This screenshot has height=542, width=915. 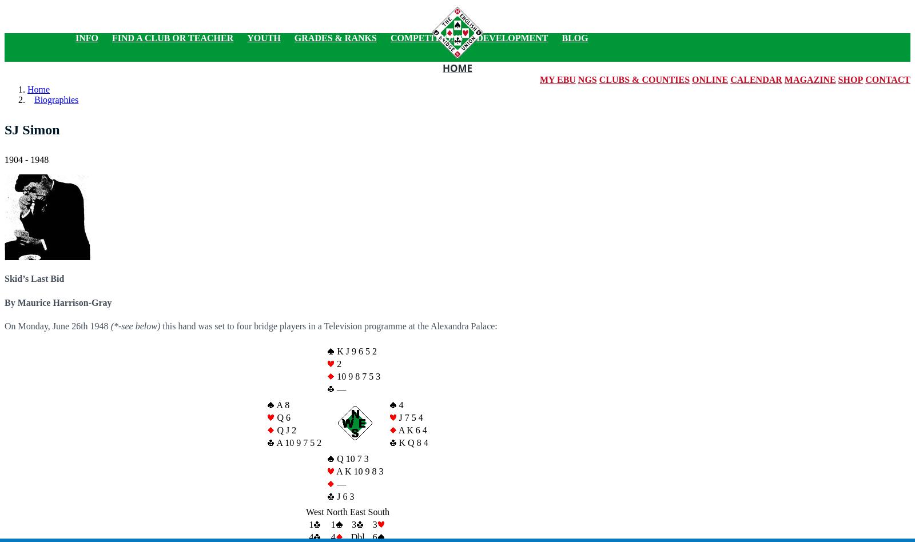 What do you see at coordinates (86, 38) in the screenshot?
I see `'Info'` at bounding box center [86, 38].